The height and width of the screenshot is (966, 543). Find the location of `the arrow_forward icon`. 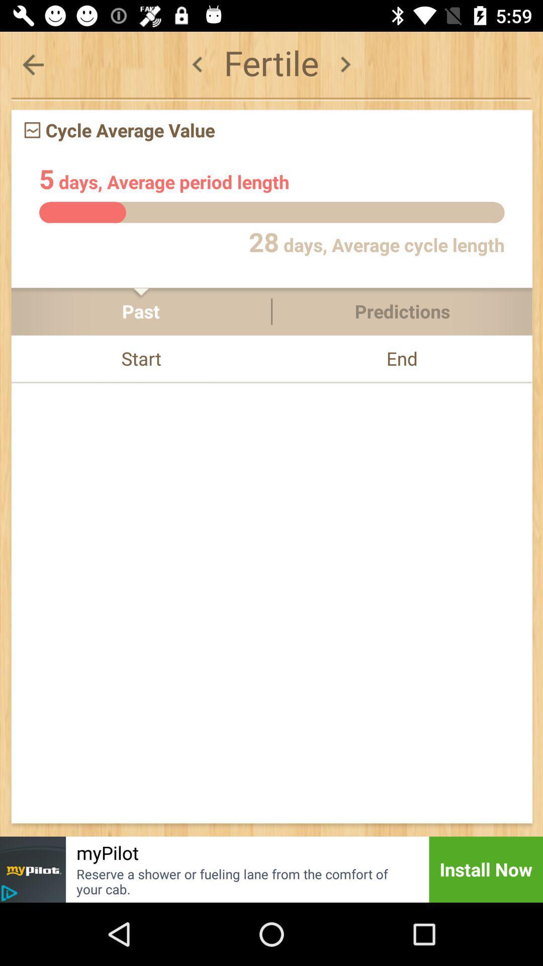

the arrow_forward icon is located at coordinates (344, 64).